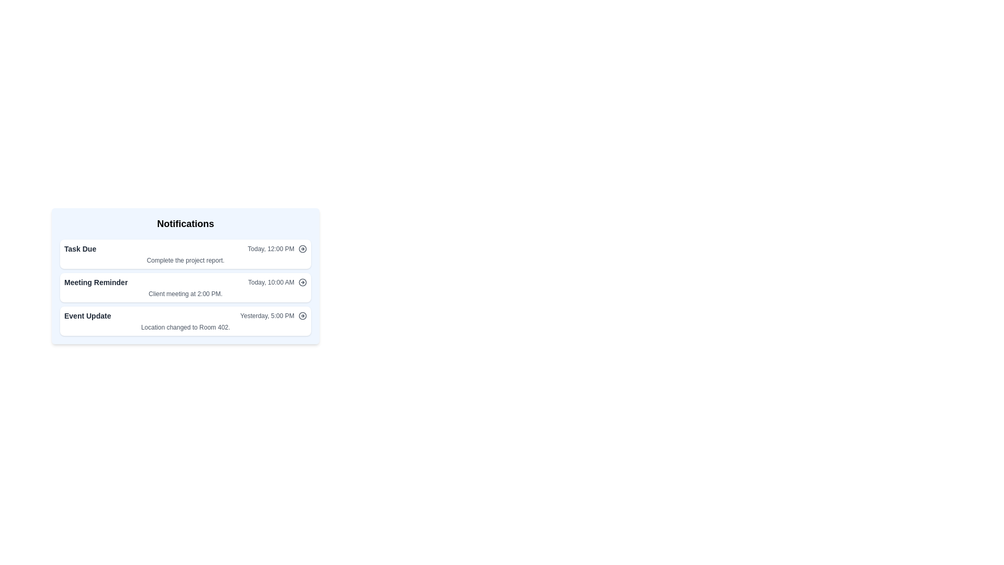 The height and width of the screenshot is (565, 1004). What do you see at coordinates (302, 248) in the screenshot?
I see `the rightmost icon associated with the notification labeled 'Today, 12:00 PM'` at bounding box center [302, 248].